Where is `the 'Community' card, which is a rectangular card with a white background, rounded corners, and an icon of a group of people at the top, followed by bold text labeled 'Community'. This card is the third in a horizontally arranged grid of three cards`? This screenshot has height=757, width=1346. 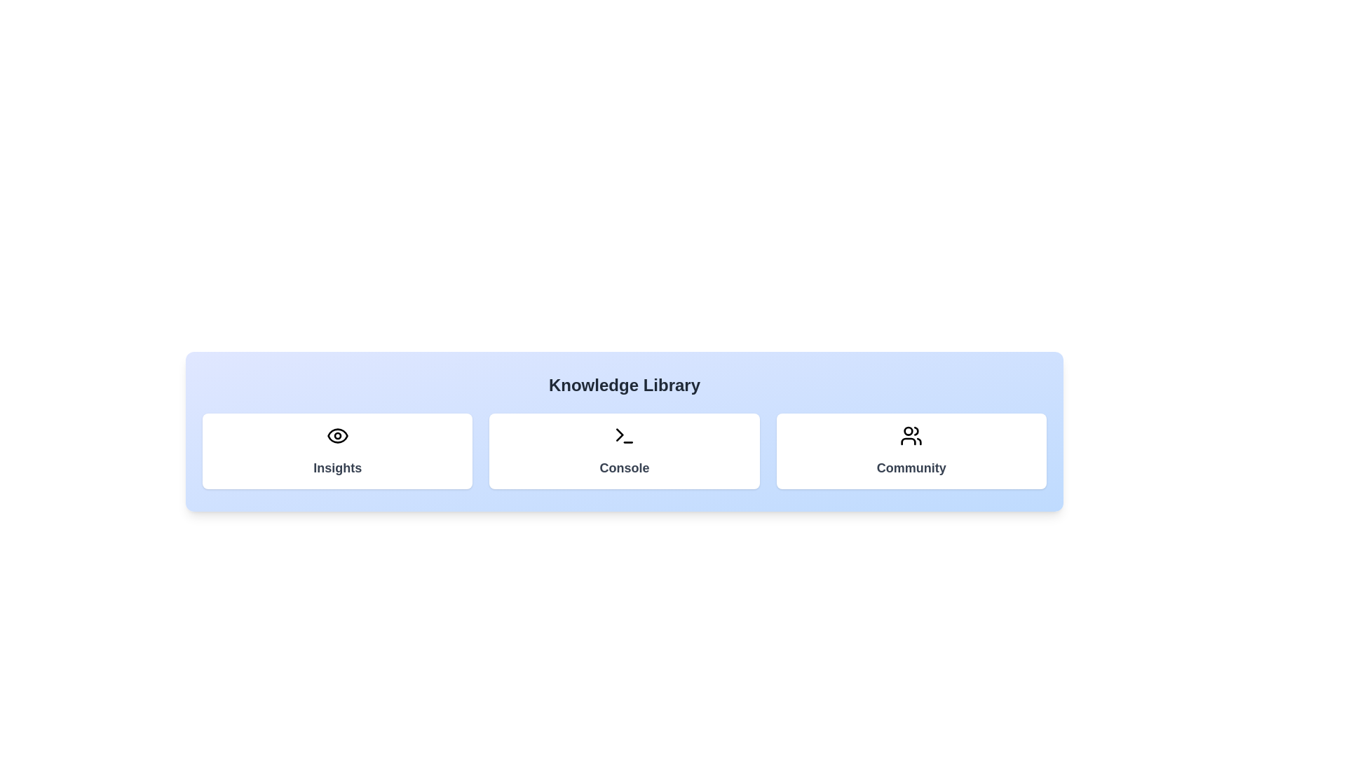
the 'Community' card, which is a rectangular card with a white background, rounded corners, and an icon of a group of people at the top, followed by bold text labeled 'Community'. This card is the third in a horizontally arranged grid of three cards is located at coordinates (911, 451).